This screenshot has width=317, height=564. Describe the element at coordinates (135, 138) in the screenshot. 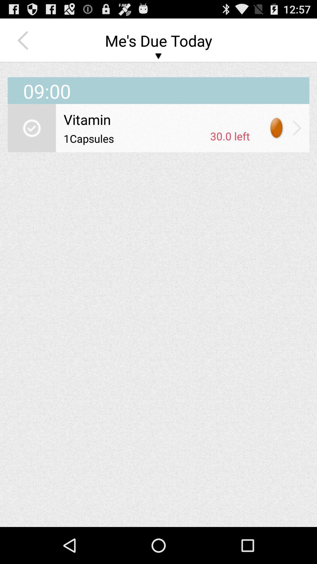

I see `app to the left of the 30.0 left` at that location.